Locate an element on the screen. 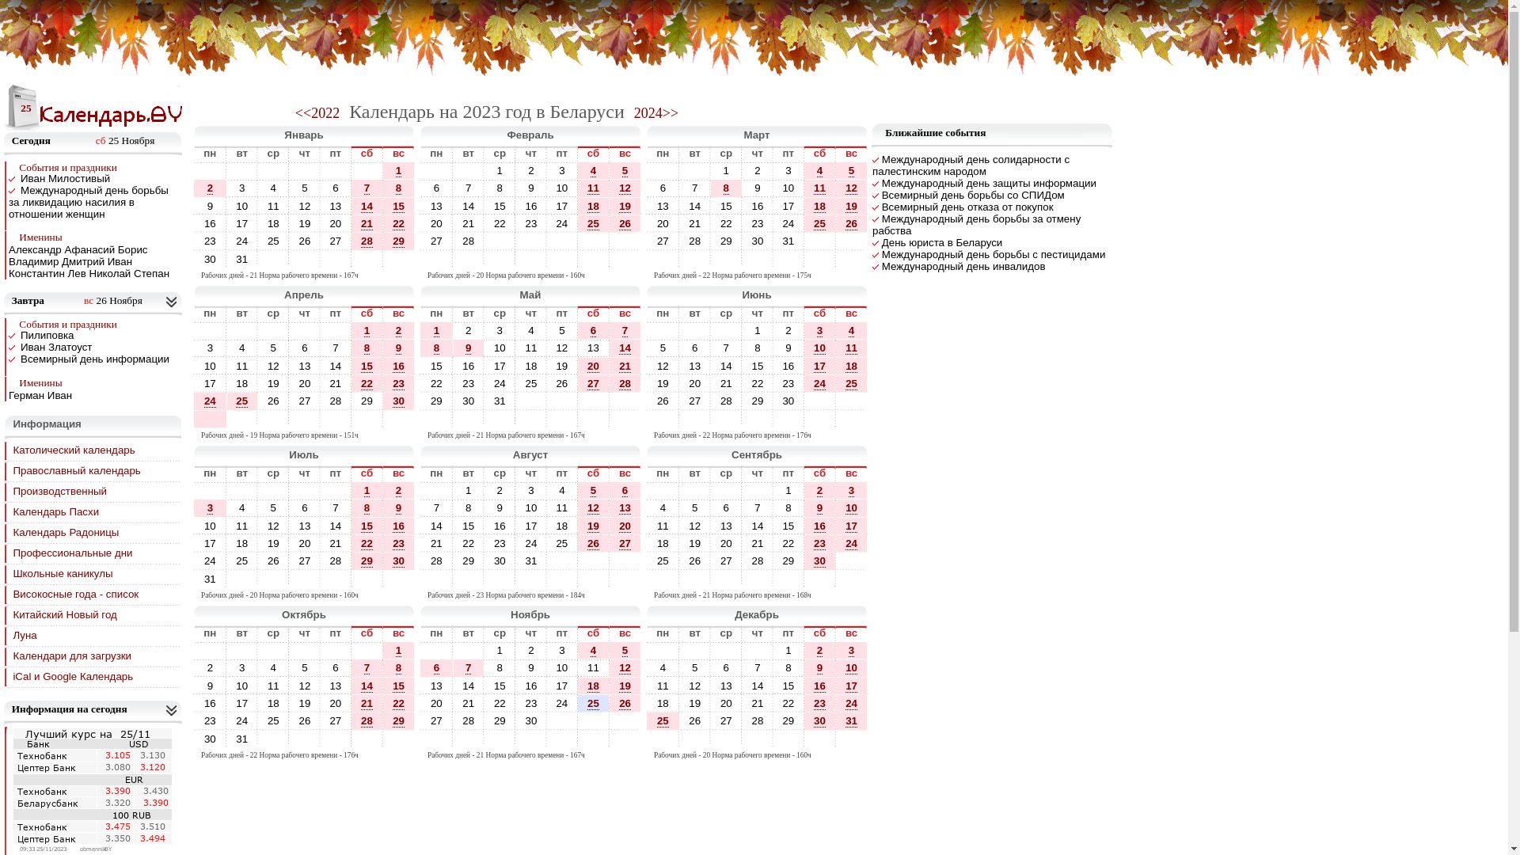 The width and height of the screenshot is (1520, 855). '2' is located at coordinates (398, 329).